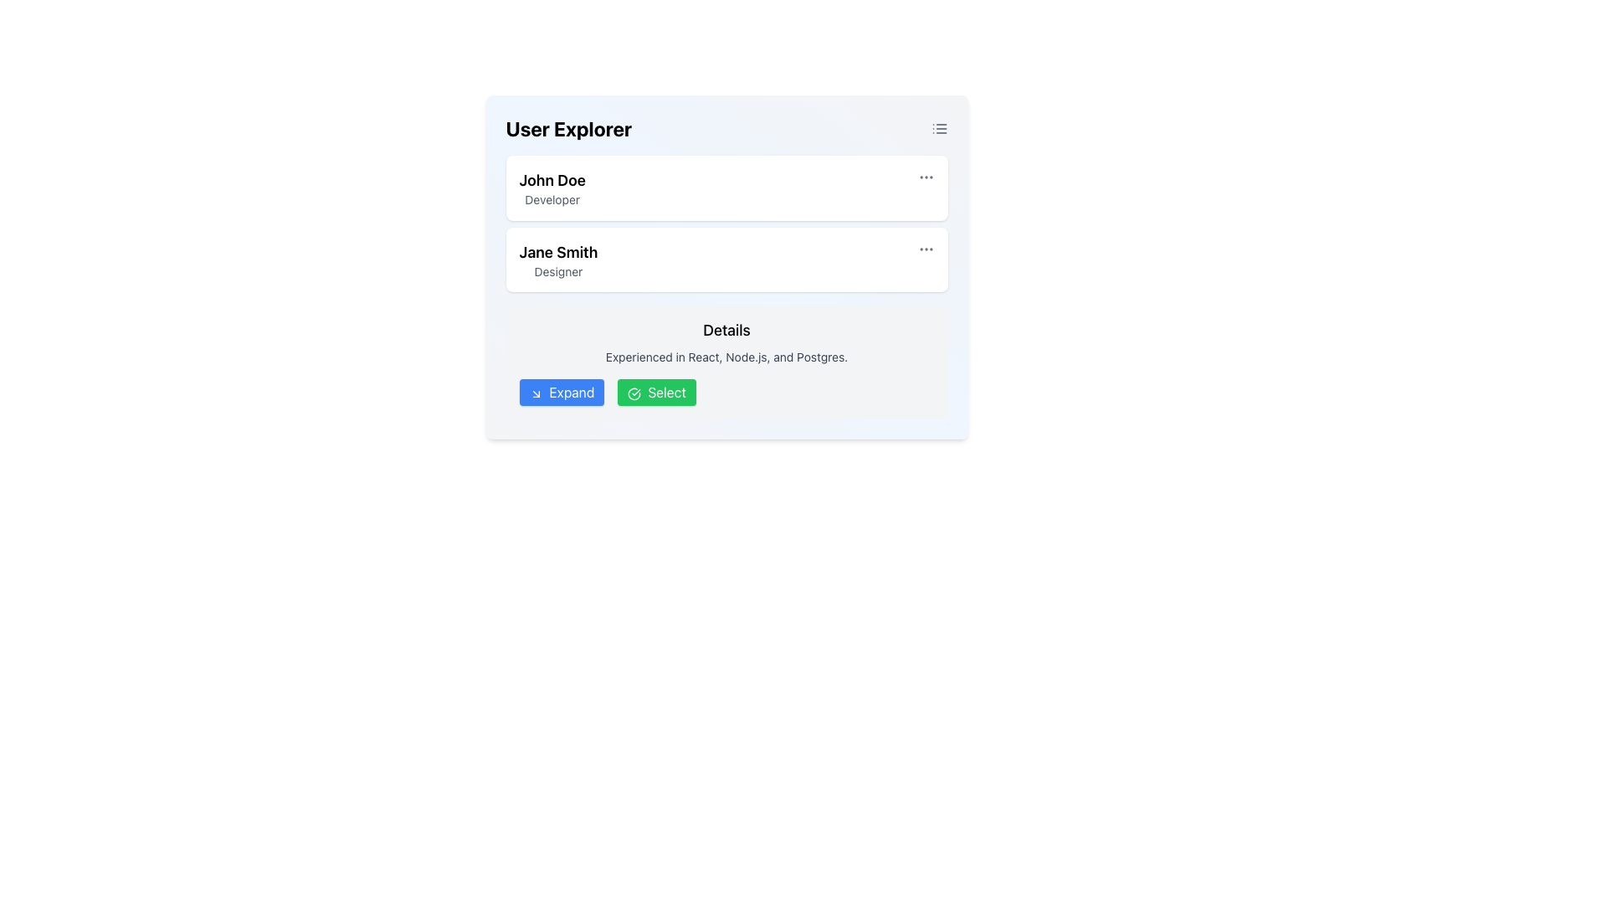 This screenshot has height=904, width=1607. What do you see at coordinates (558, 270) in the screenshot?
I see `text content of the Text Label indicating the professional role 'Designer' beneath 'Jane Smith' in the user profile card` at bounding box center [558, 270].